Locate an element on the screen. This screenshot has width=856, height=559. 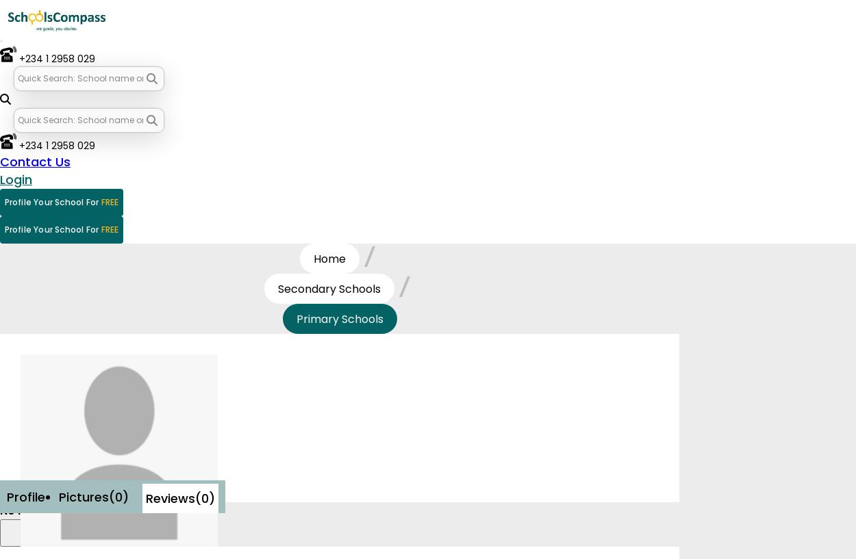
'Login' is located at coordinates (0, 179).